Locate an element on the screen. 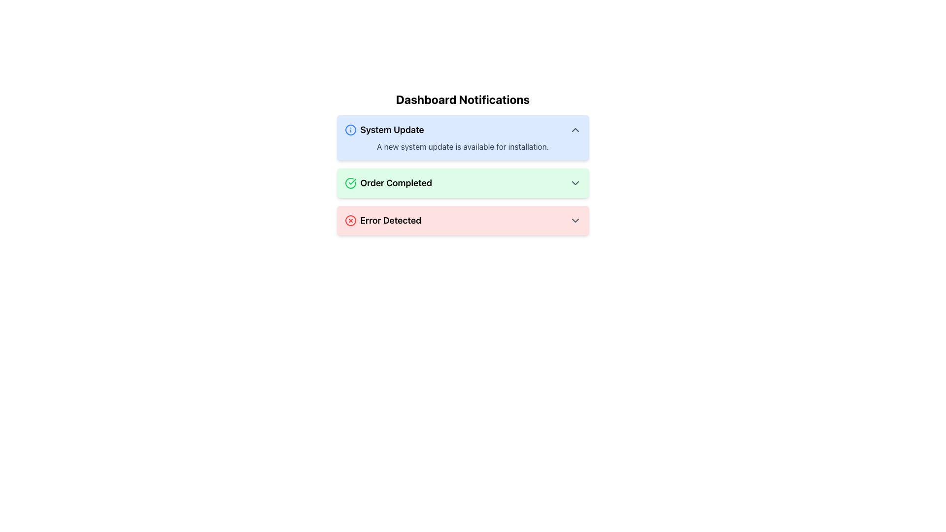 The height and width of the screenshot is (532, 946). the status indicator element that informs the user an order has been successfully completed, which is located in the middle notification box that is light green in color is located at coordinates (388, 183).